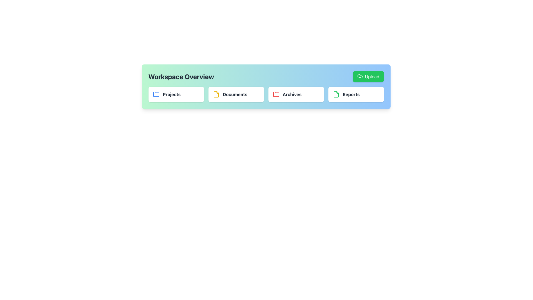  What do you see at coordinates (276, 94) in the screenshot?
I see `the folder icon located in the Archives section, positioned between Documents and Reports` at bounding box center [276, 94].